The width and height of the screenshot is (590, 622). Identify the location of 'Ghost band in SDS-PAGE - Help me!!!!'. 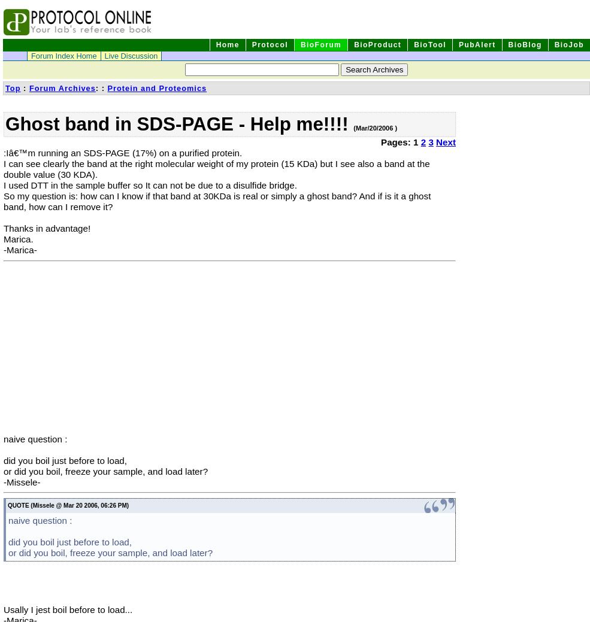
(179, 124).